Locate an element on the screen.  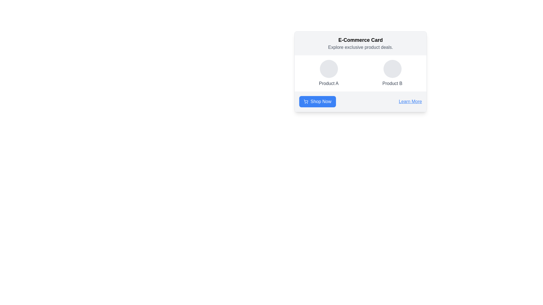
the distinct hyperlink text located in the lower-right corner of the e-commerce card layout, beneath 'Product B' is located at coordinates (410, 101).